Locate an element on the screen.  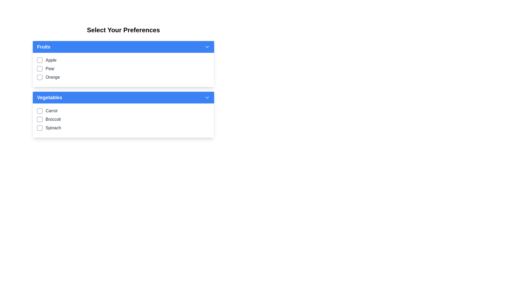
the checkbox next to the text 'Pear' in the 'Fruits' section is located at coordinates (39, 69).